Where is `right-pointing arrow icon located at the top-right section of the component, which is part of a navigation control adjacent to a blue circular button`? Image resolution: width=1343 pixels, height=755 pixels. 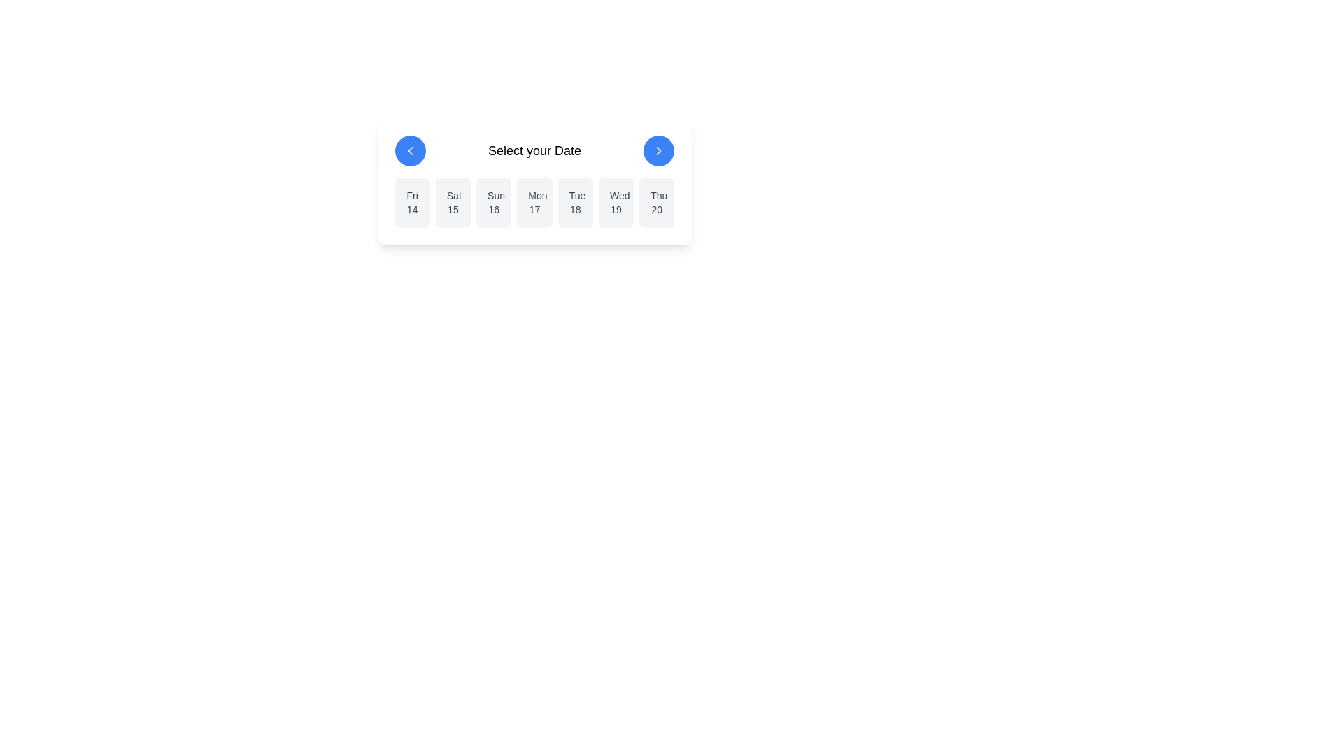
right-pointing arrow icon located at the top-right section of the component, which is part of a navigation control adjacent to a blue circular button is located at coordinates (658, 151).